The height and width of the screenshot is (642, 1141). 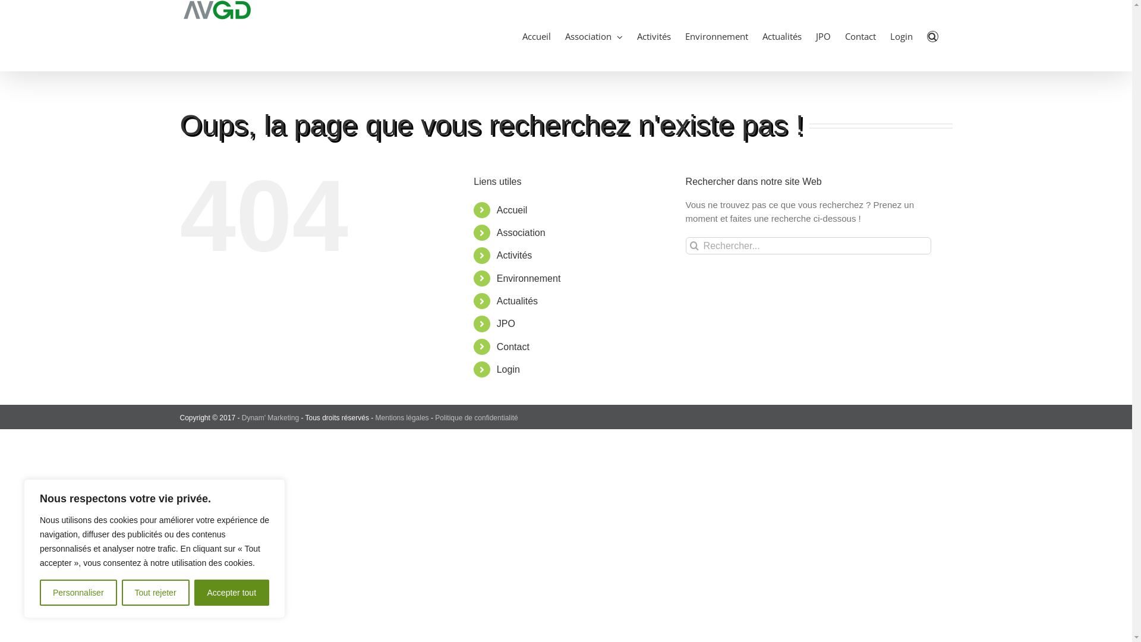 I want to click on 'Personnaliser', so click(x=78, y=592).